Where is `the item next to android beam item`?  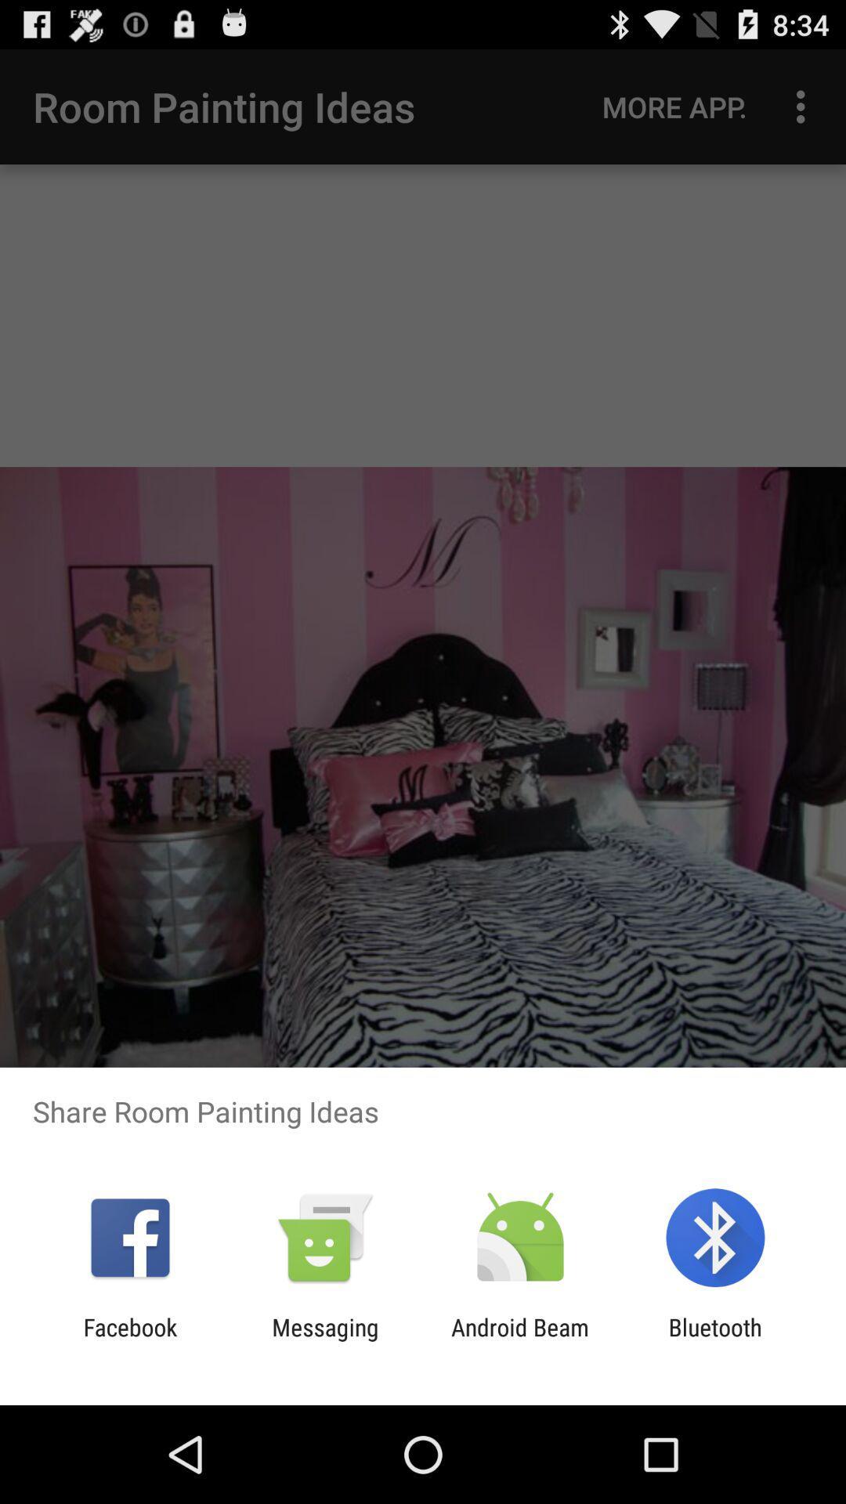 the item next to android beam item is located at coordinates (324, 1340).